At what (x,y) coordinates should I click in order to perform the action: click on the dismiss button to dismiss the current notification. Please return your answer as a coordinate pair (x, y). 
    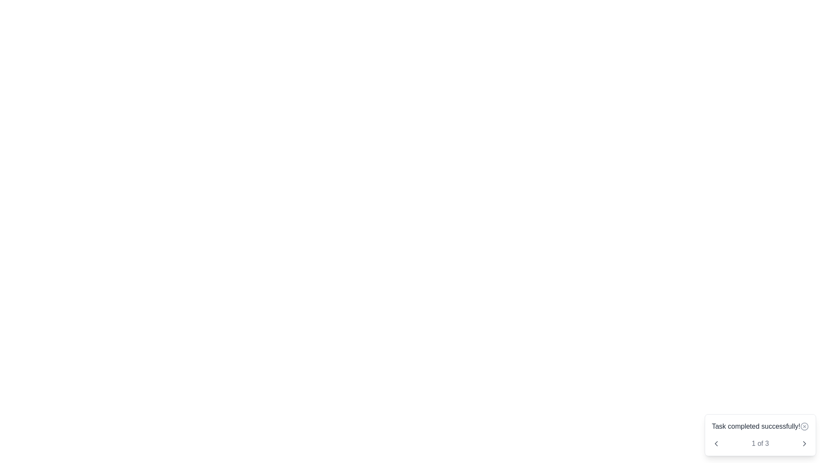
    Looking at the image, I should click on (804, 427).